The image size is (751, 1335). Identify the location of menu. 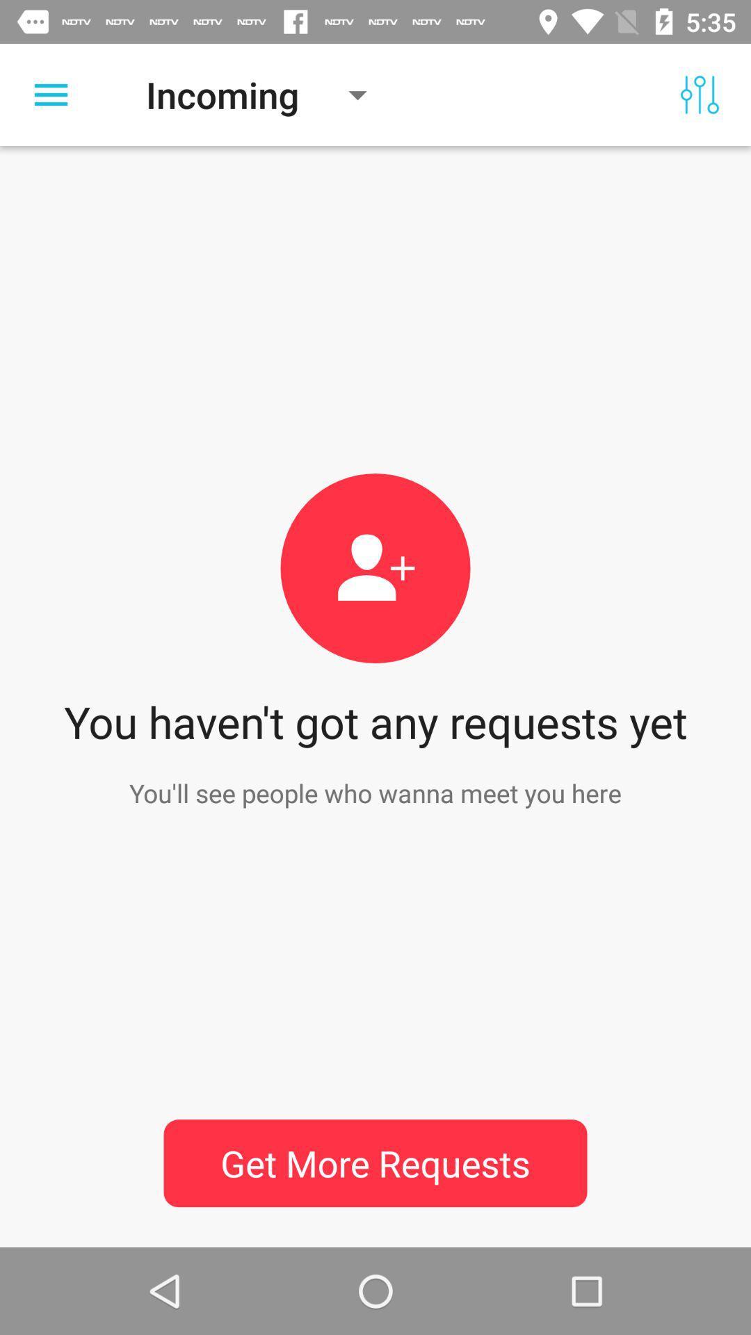
(50, 94).